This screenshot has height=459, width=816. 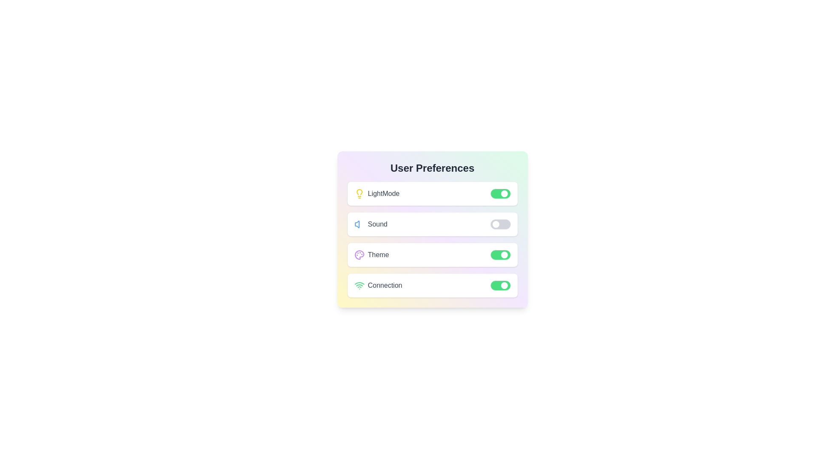 What do you see at coordinates (359, 193) in the screenshot?
I see `the style of the 'Light Mode' icon located at the first position in the preferences section, which is visually represented and has the text 'LightMode' to its right` at bounding box center [359, 193].